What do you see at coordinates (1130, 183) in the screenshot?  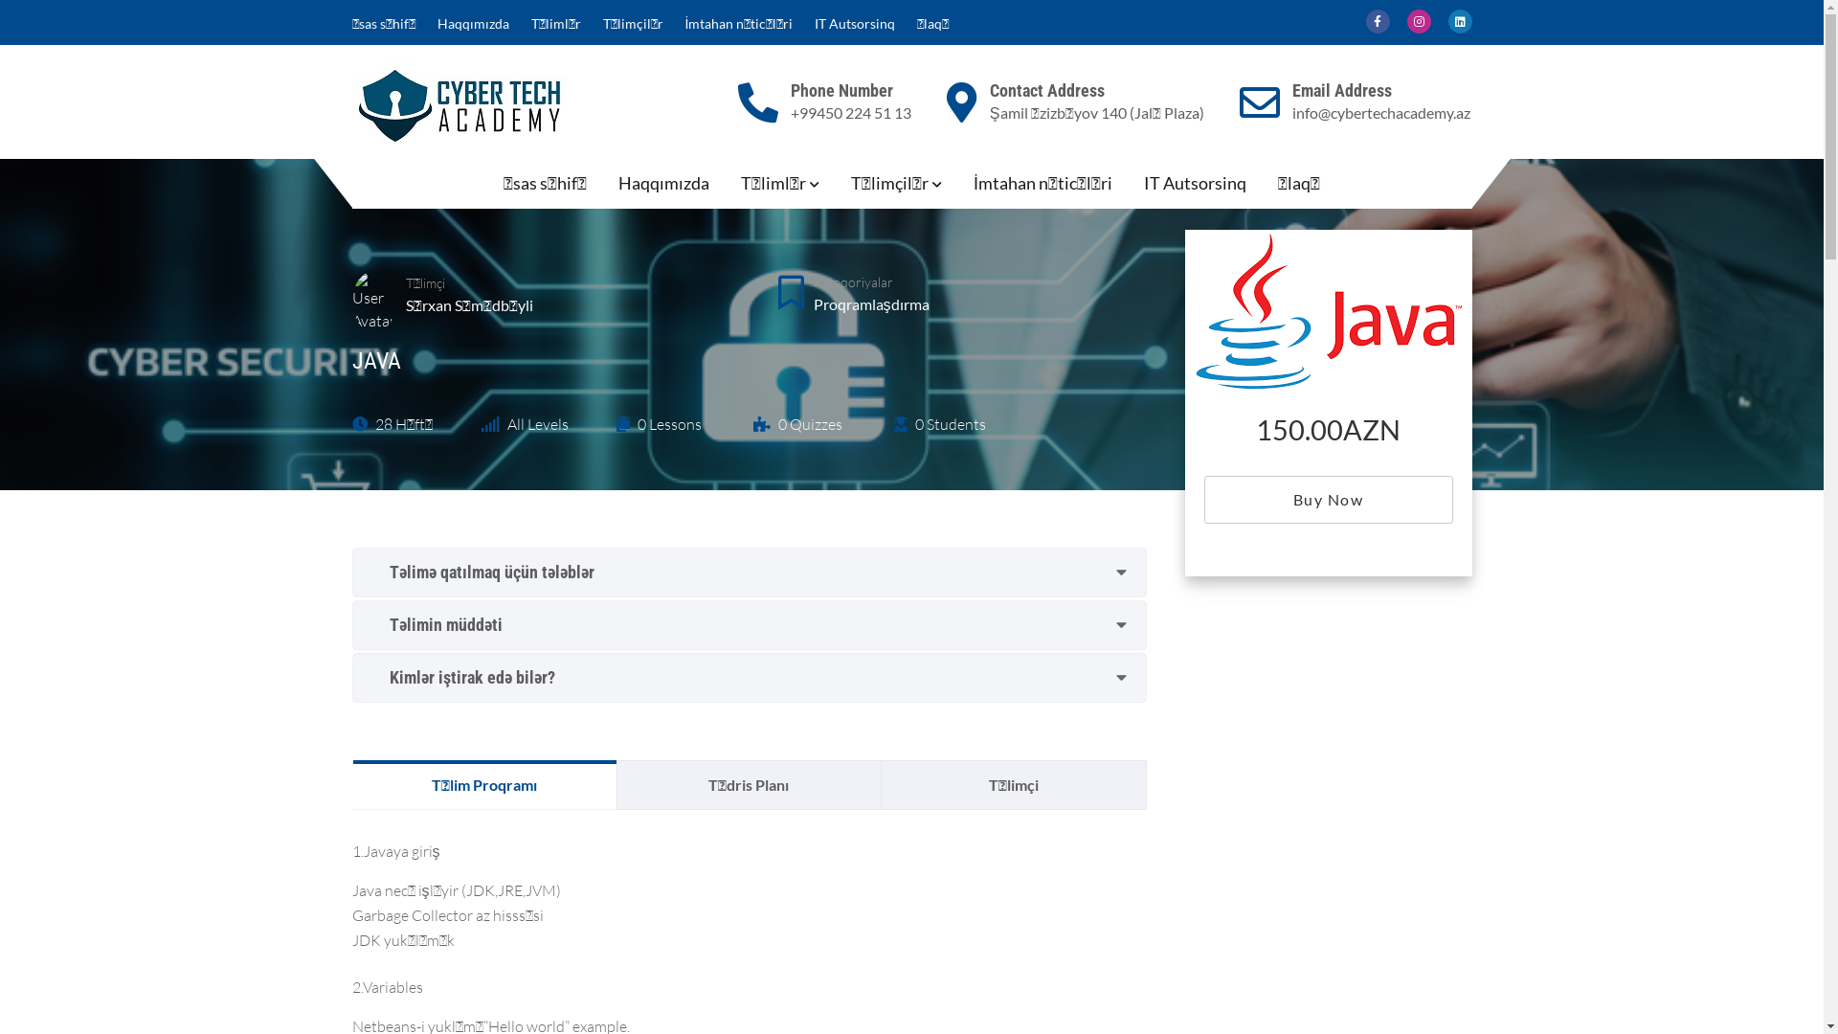 I see `'IT Autsorsinq'` at bounding box center [1130, 183].